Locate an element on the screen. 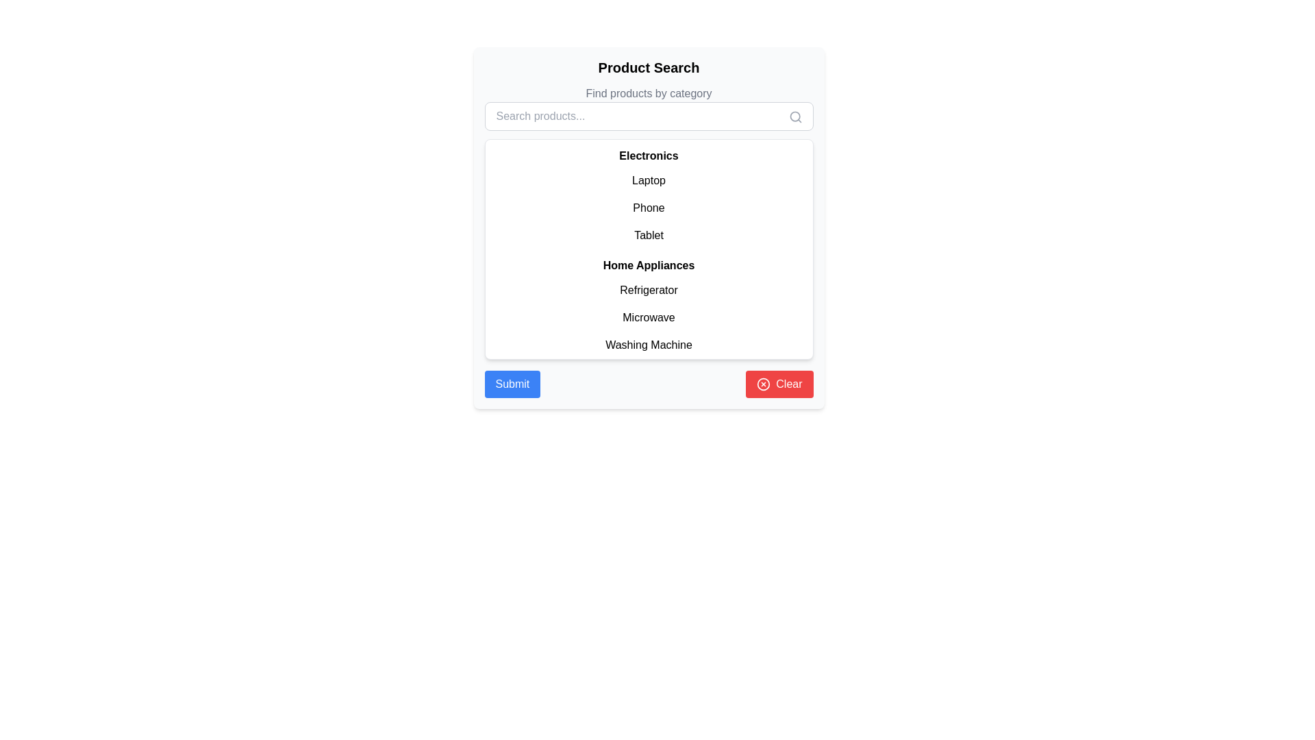  the informational text label located beneath the 'Product Search' header, which guides users to find products in distinct categories is located at coordinates (648, 93).